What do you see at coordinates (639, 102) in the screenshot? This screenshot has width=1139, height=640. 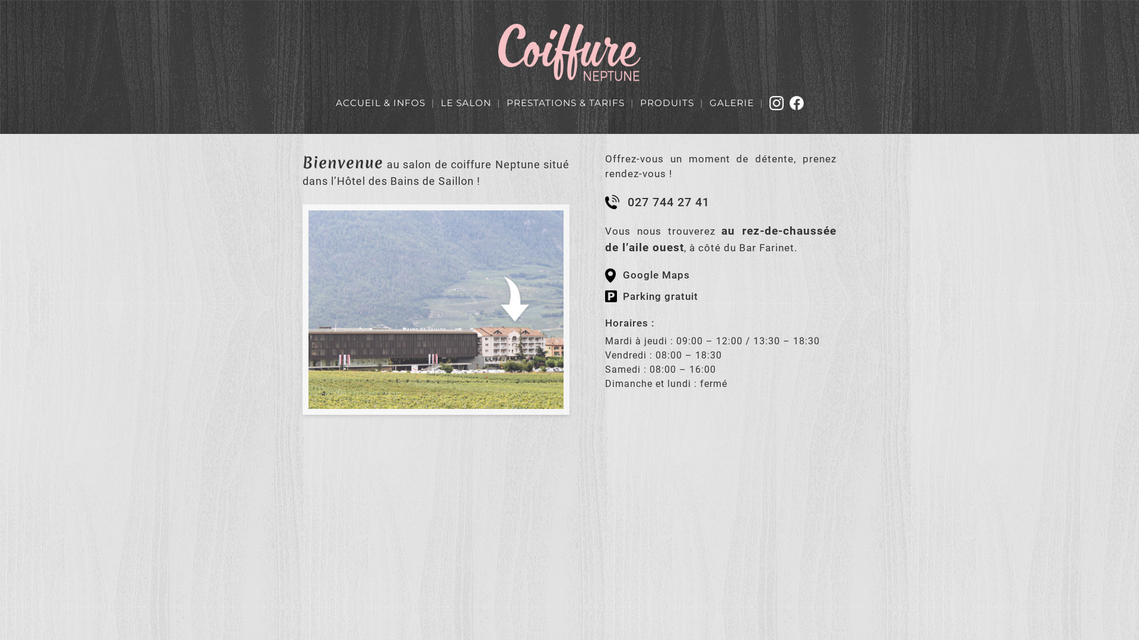 I see `'PRODUITS'` at bounding box center [639, 102].